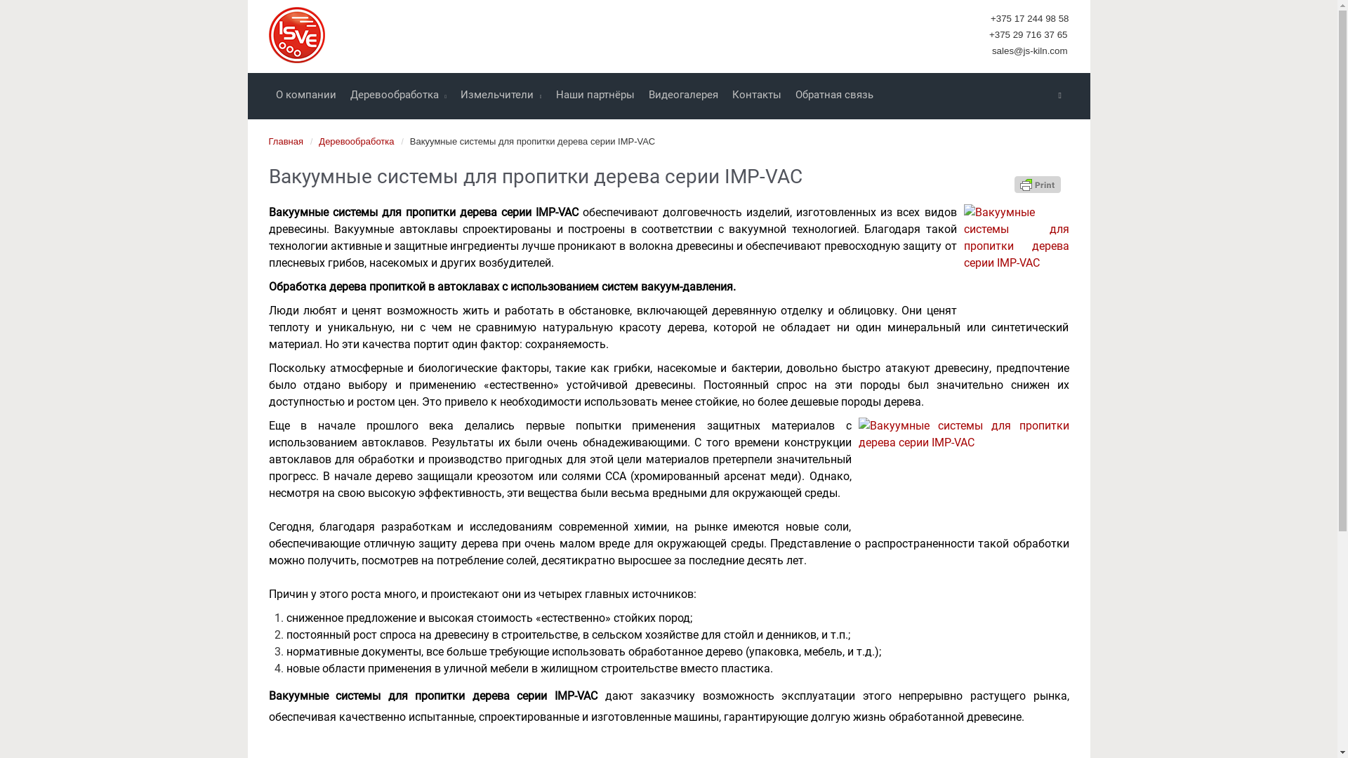 This screenshot has width=1348, height=758. I want to click on 'Printer Friendly, PDF & Email', so click(1014, 183).